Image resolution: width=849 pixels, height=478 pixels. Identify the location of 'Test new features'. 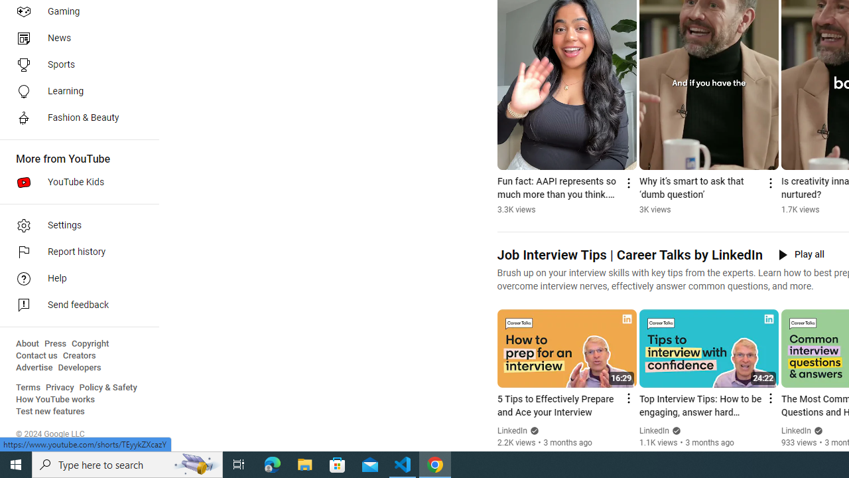
(50, 411).